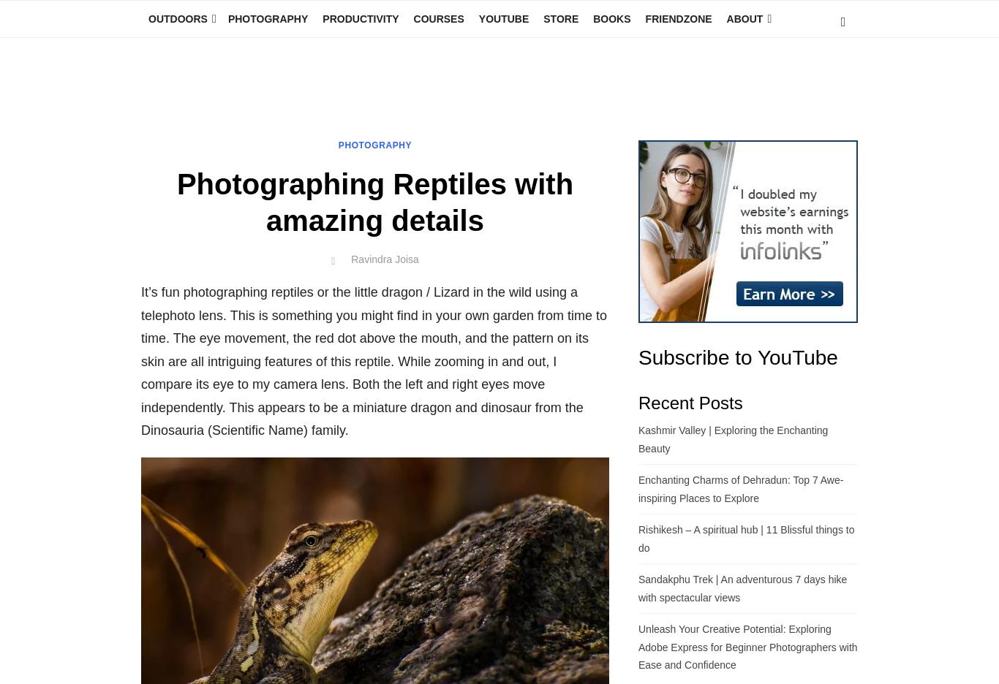 The width and height of the screenshot is (999, 684). Describe the element at coordinates (178, 18) in the screenshot. I see `'Outdoors'` at that location.